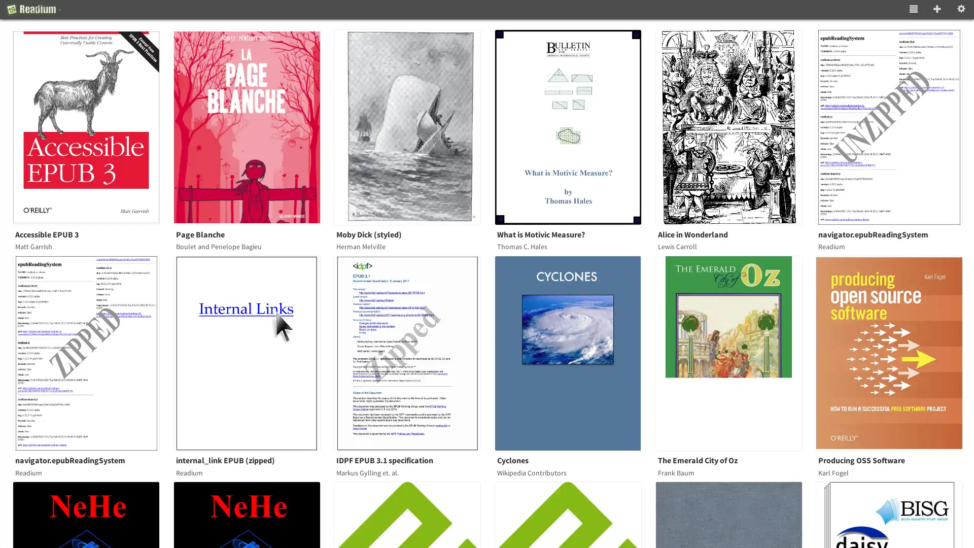 This screenshot has height=548, width=974. I want to click on Settings [o], so click(961, 10).